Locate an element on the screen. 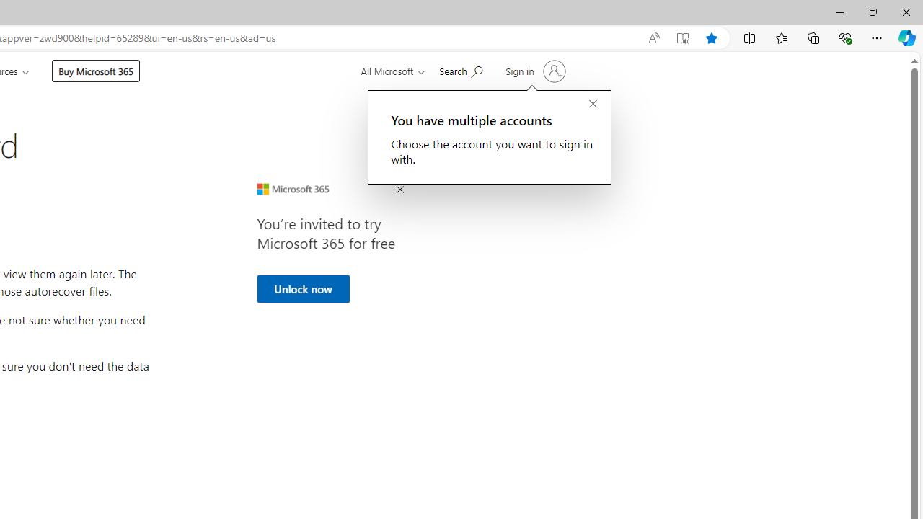 The image size is (923, 519). 'Read aloud this page (Ctrl+Shift+U)' is located at coordinates (653, 37).